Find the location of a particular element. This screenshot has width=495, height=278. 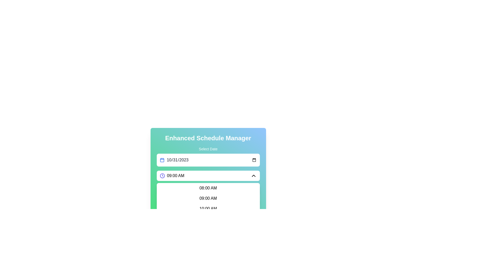

the rectangular shape within the SVG calendar icon, which is located to the left of the date field is located at coordinates (162, 160).